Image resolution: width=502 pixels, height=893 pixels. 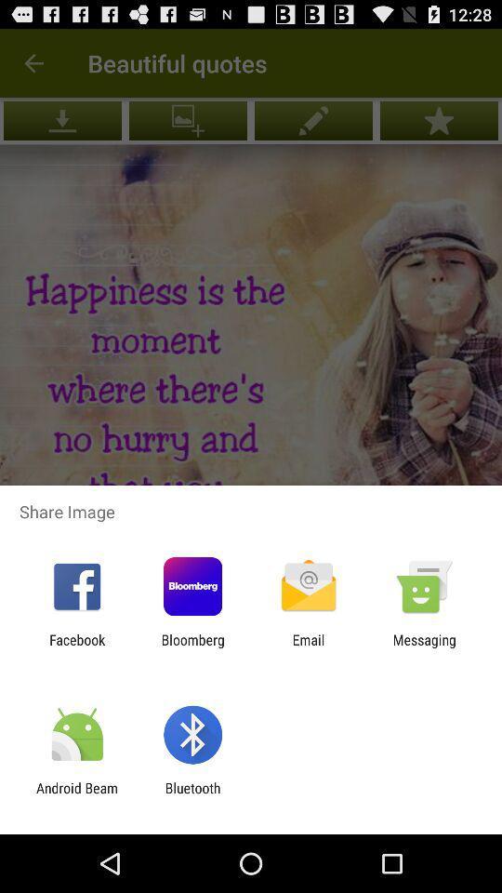 I want to click on item to the left of bluetooth app, so click(x=76, y=795).